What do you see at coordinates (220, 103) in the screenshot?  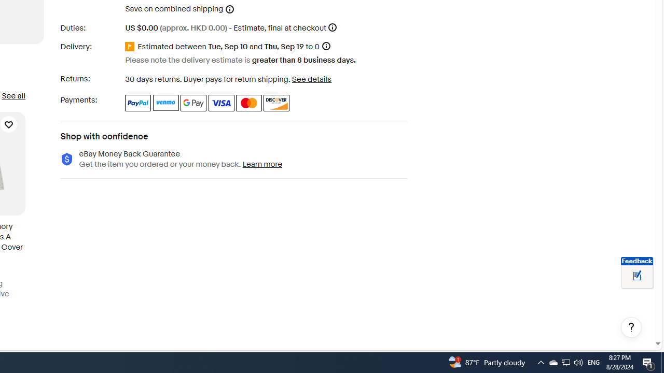 I see `'Visa'` at bounding box center [220, 103].